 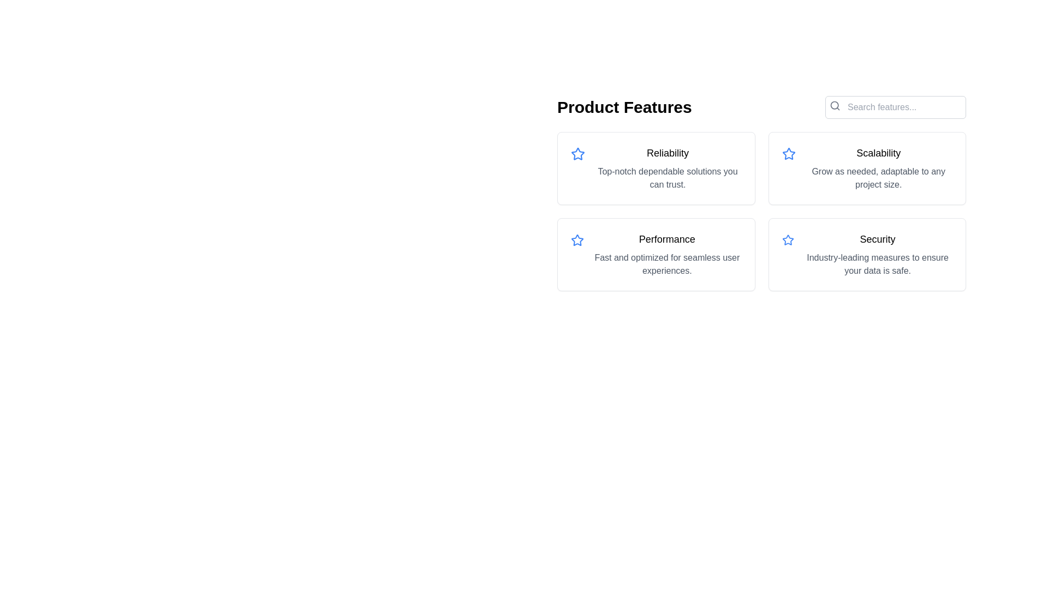 I want to click on the text block in the top-right card of the 'Product Features' grid that provides information about the 'Scalability' feature, so click(x=878, y=168).